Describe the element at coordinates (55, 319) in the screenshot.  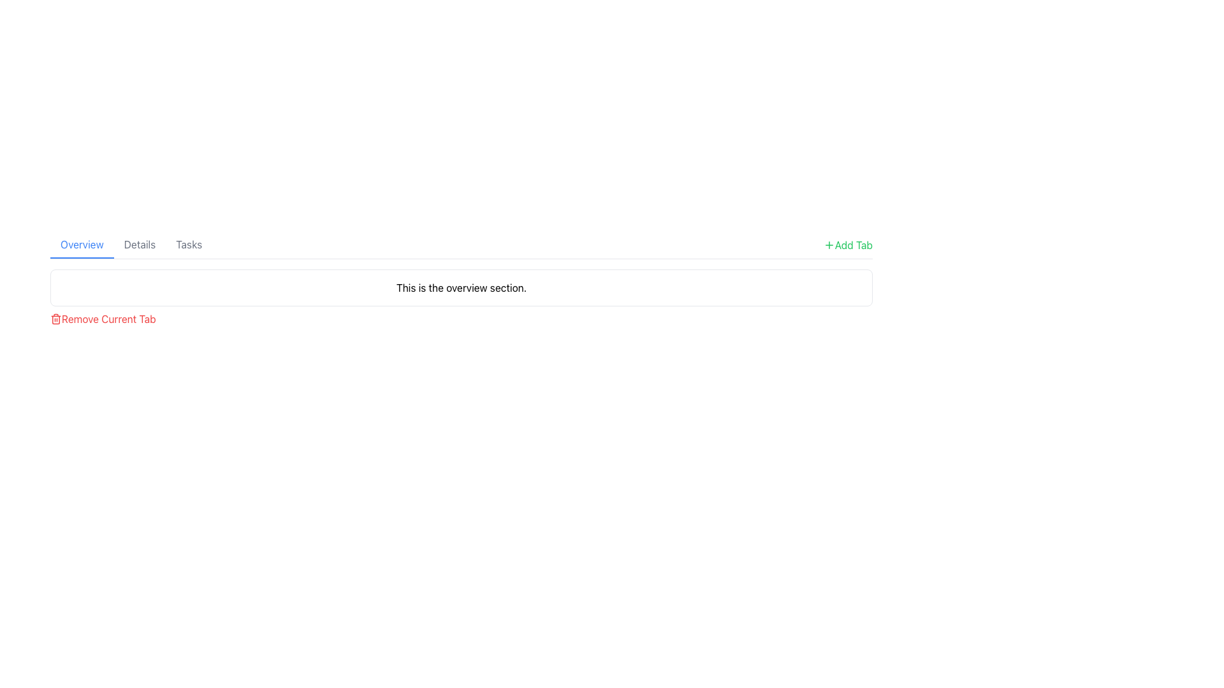
I see `the delete icon for the 'Remove Current Tab' action, located at the bottom-left area of the interface` at that location.